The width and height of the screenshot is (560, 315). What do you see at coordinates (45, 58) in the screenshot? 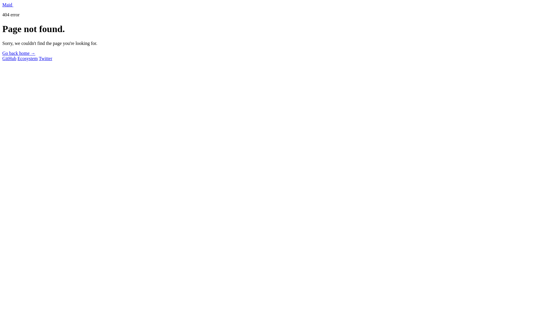
I see `'Twitter'` at bounding box center [45, 58].